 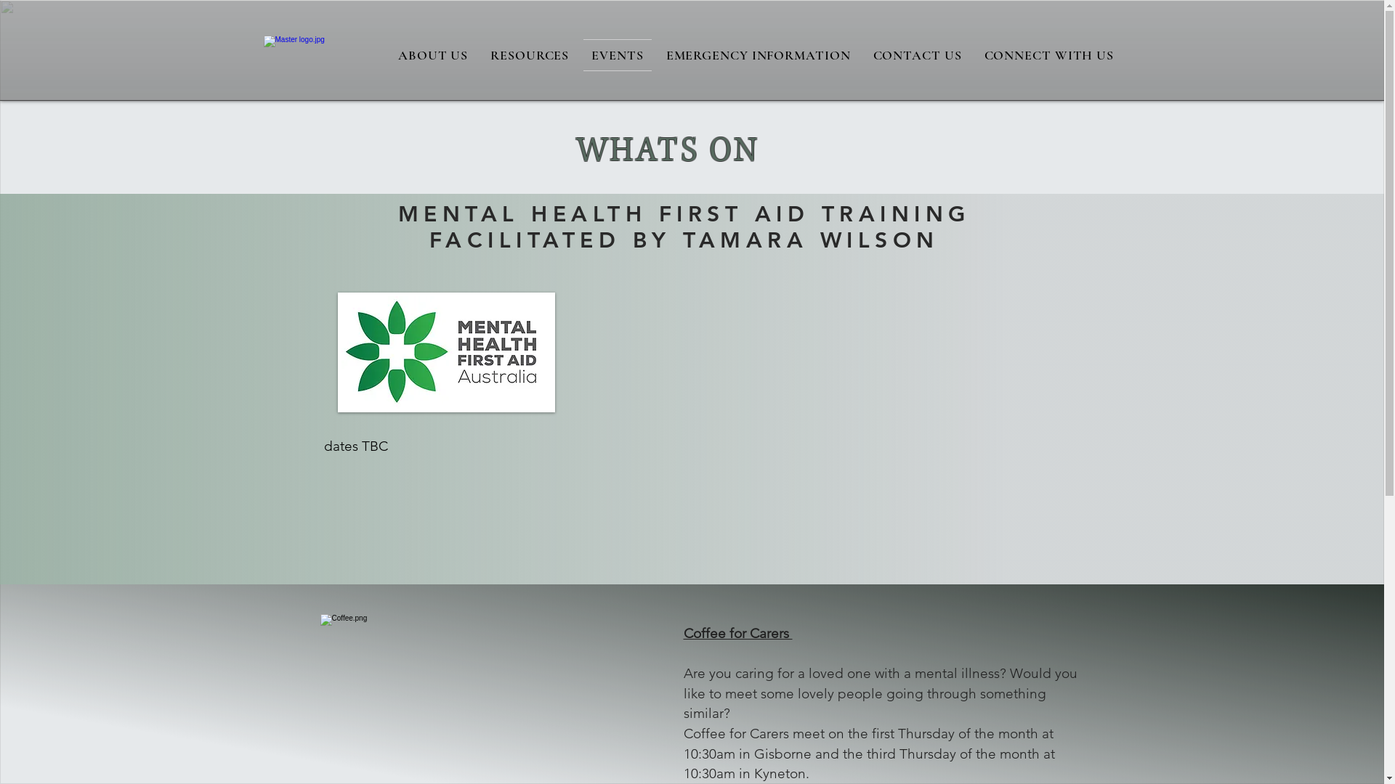 I want to click on 'ABOUT US', so click(x=432, y=54).